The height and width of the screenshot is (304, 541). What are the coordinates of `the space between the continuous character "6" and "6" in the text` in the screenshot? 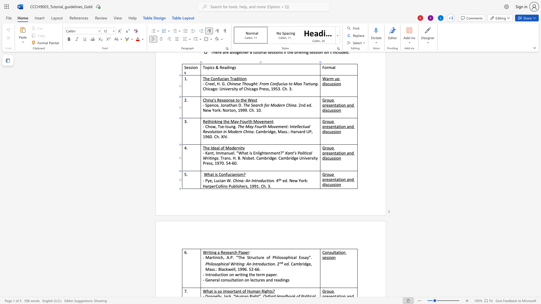 It's located at (257, 269).